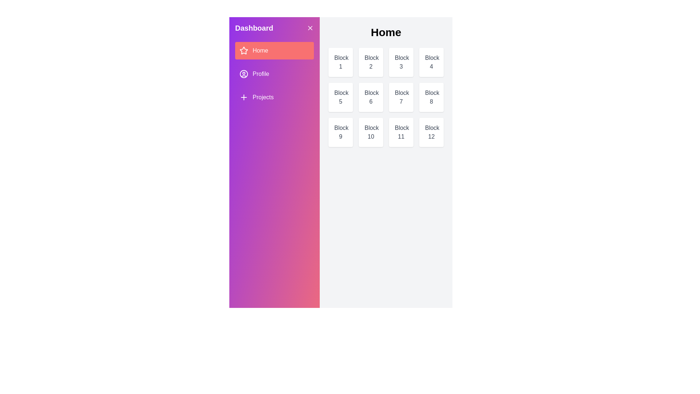 Image resolution: width=700 pixels, height=394 pixels. I want to click on the close button to hide the drawer, so click(310, 28).